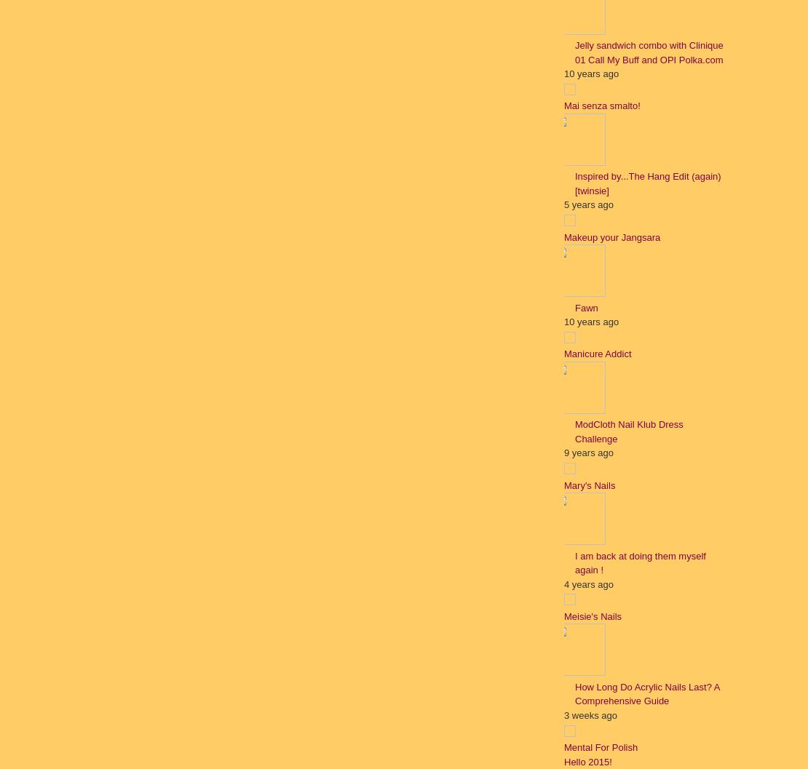 Image resolution: width=808 pixels, height=769 pixels. What do you see at coordinates (647, 182) in the screenshot?
I see `'Inspired by...The Hang Edit (again) [twinsie]'` at bounding box center [647, 182].